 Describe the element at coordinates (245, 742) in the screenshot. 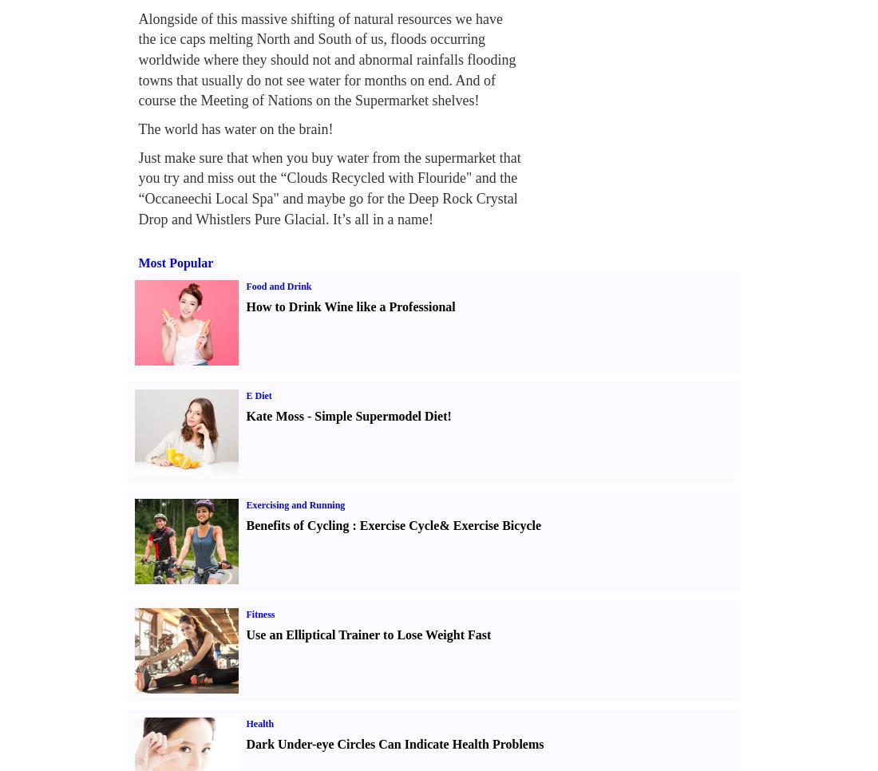

I see `'Dark Under-eye Circles Can Indicate Health Problems'` at that location.